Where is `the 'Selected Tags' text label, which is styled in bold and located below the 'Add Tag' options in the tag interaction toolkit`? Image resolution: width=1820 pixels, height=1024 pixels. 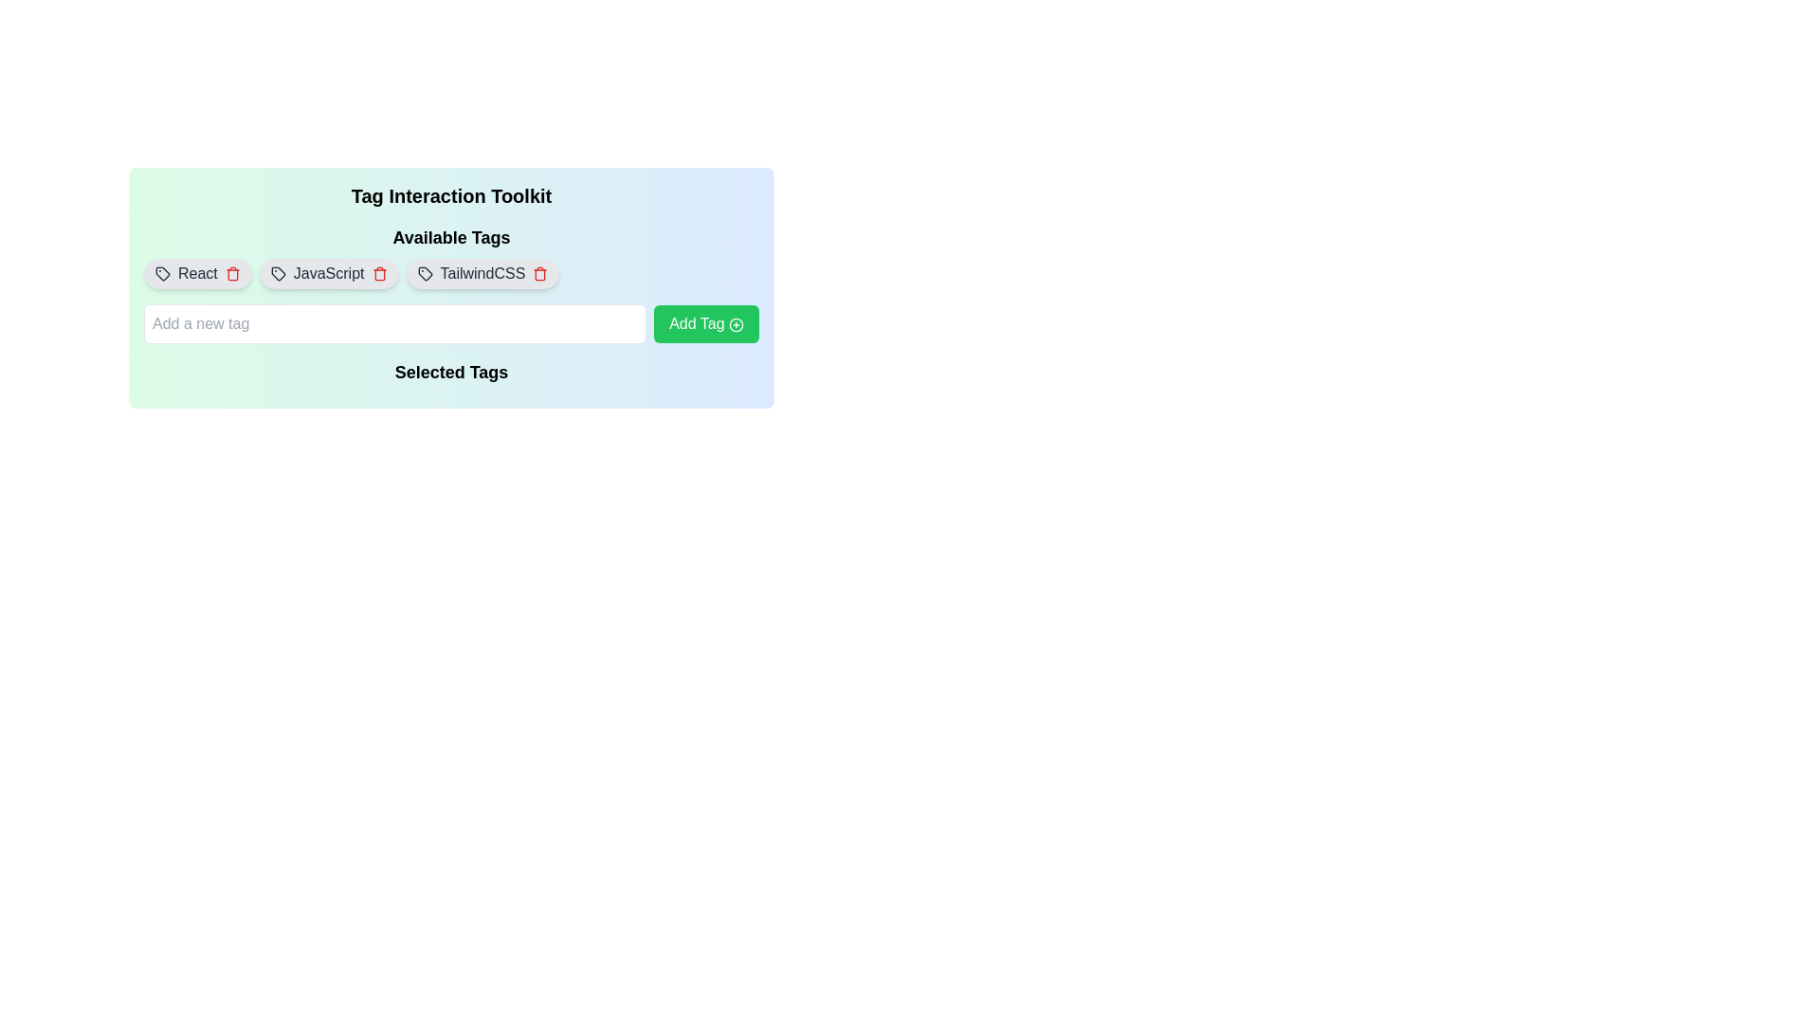 the 'Selected Tags' text label, which is styled in bold and located below the 'Add Tag' options in the tag interaction toolkit is located at coordinates (450, 376).